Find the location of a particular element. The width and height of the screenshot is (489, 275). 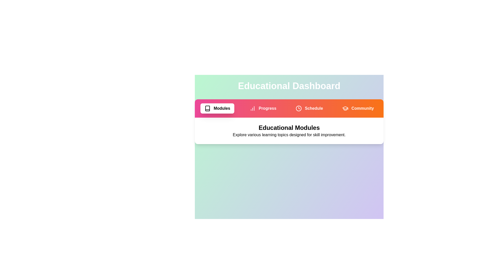

the 'Schedule' button, which is the third button in a row of four at the top center of the interface, featuring a clock icon and a gradient background is located at coordinates (309, 108).